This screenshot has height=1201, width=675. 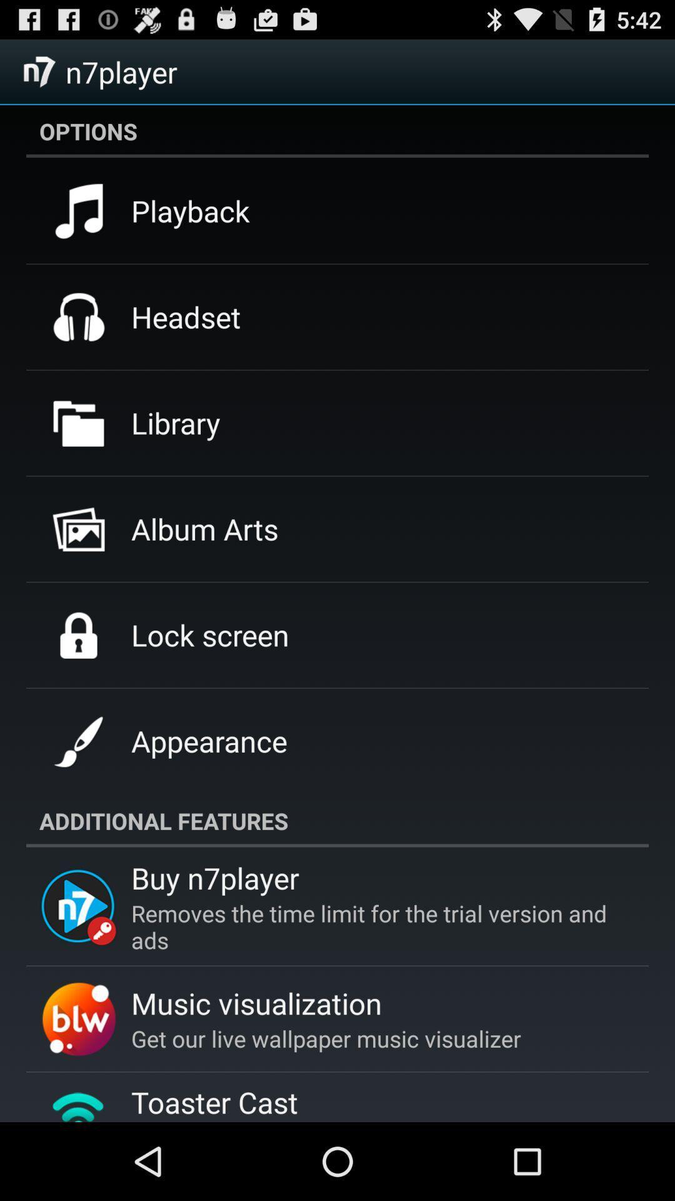 What do you see at coordinates (209, 635) in the screenshot?
I see `app above appearance app` at bounding box center [209, 635].